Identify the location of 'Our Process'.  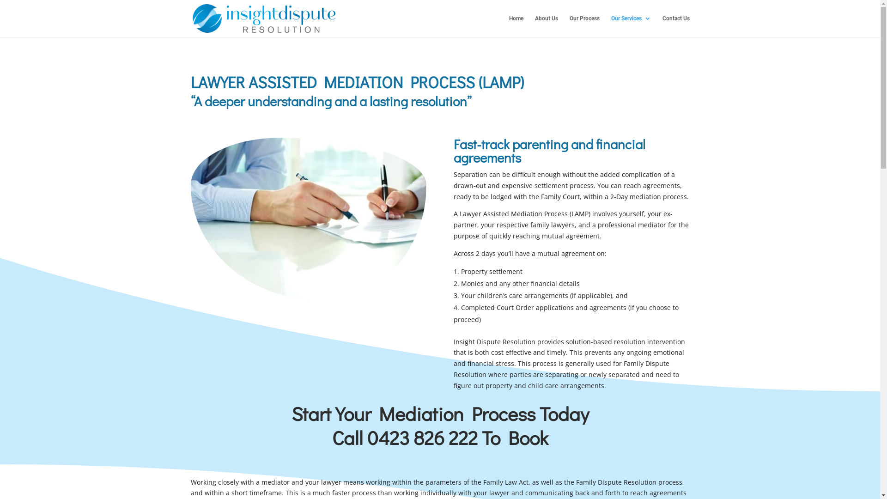
(569, 25).